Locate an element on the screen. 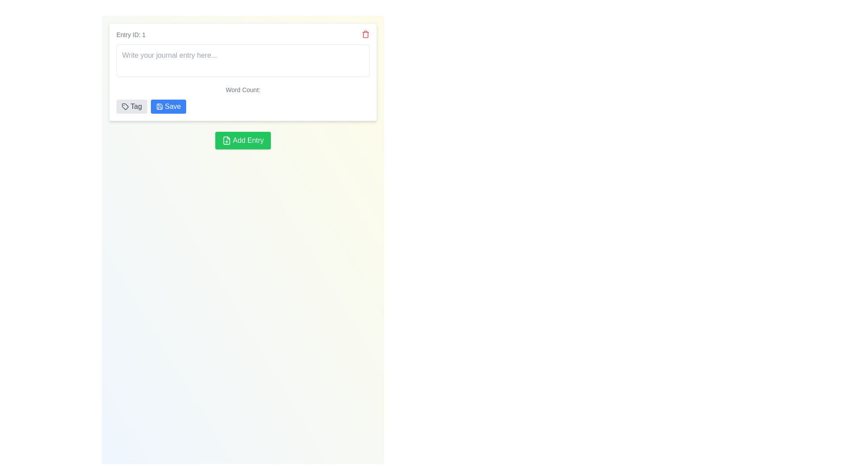  the save icon button is located at coordinates (159, 106).